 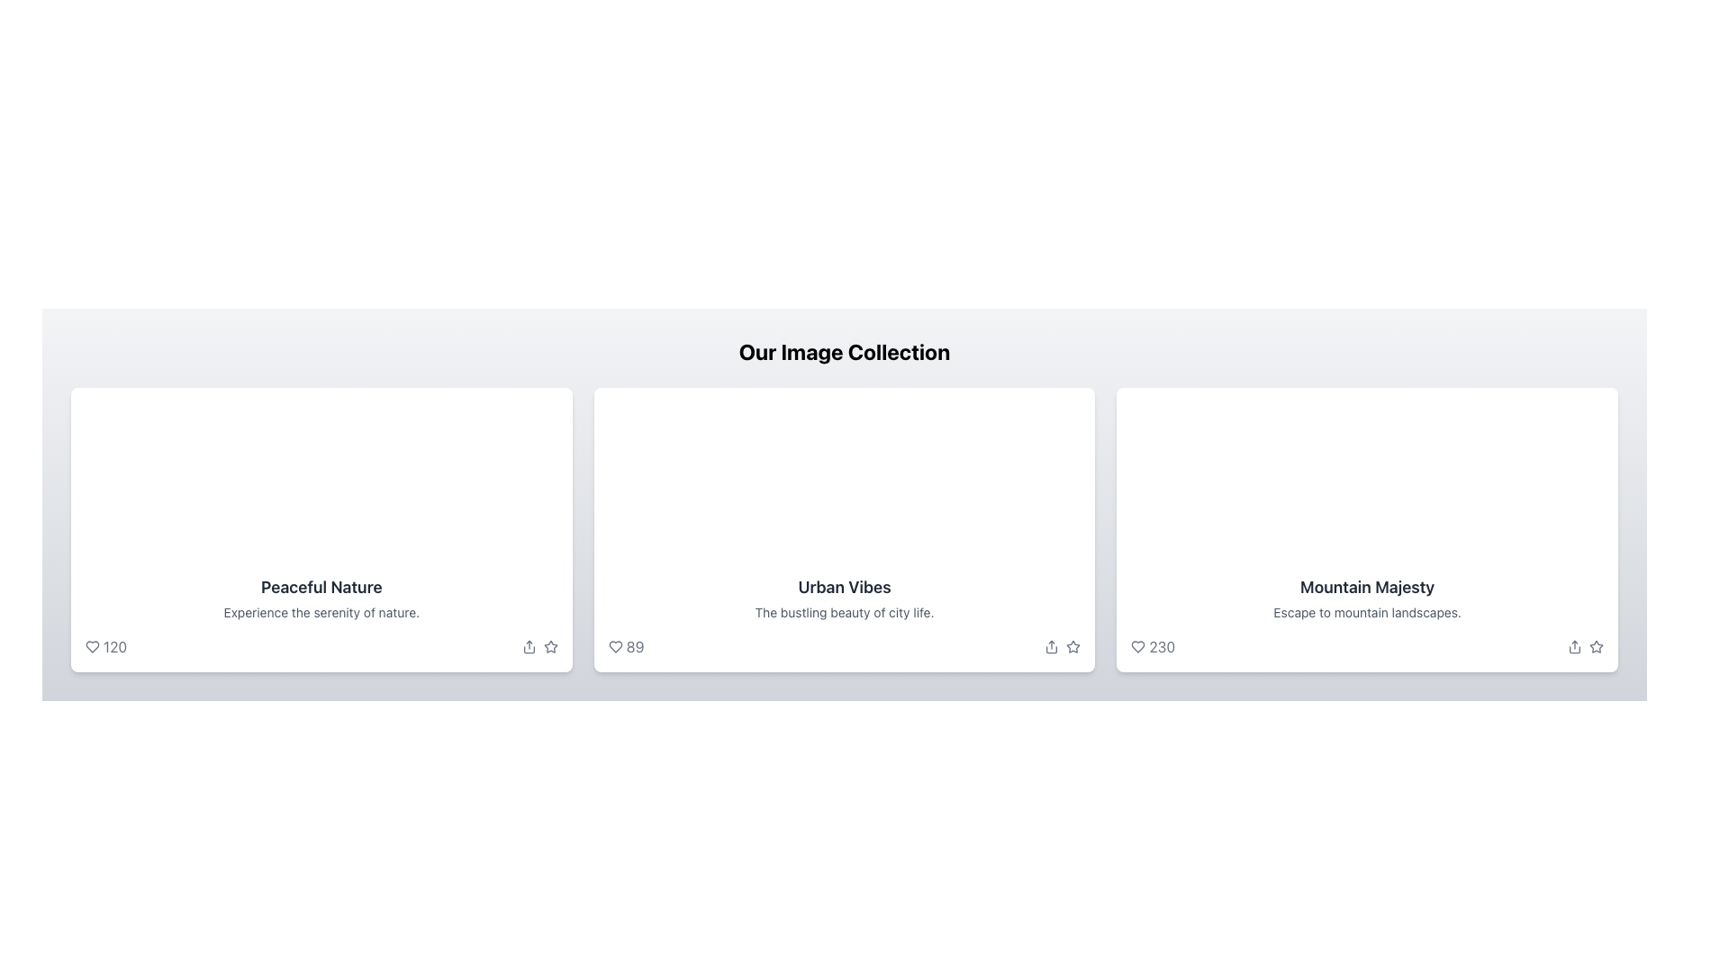 I want to click on the heart icon in the 'Urban Vibes' card, so click(x=626, y=645).